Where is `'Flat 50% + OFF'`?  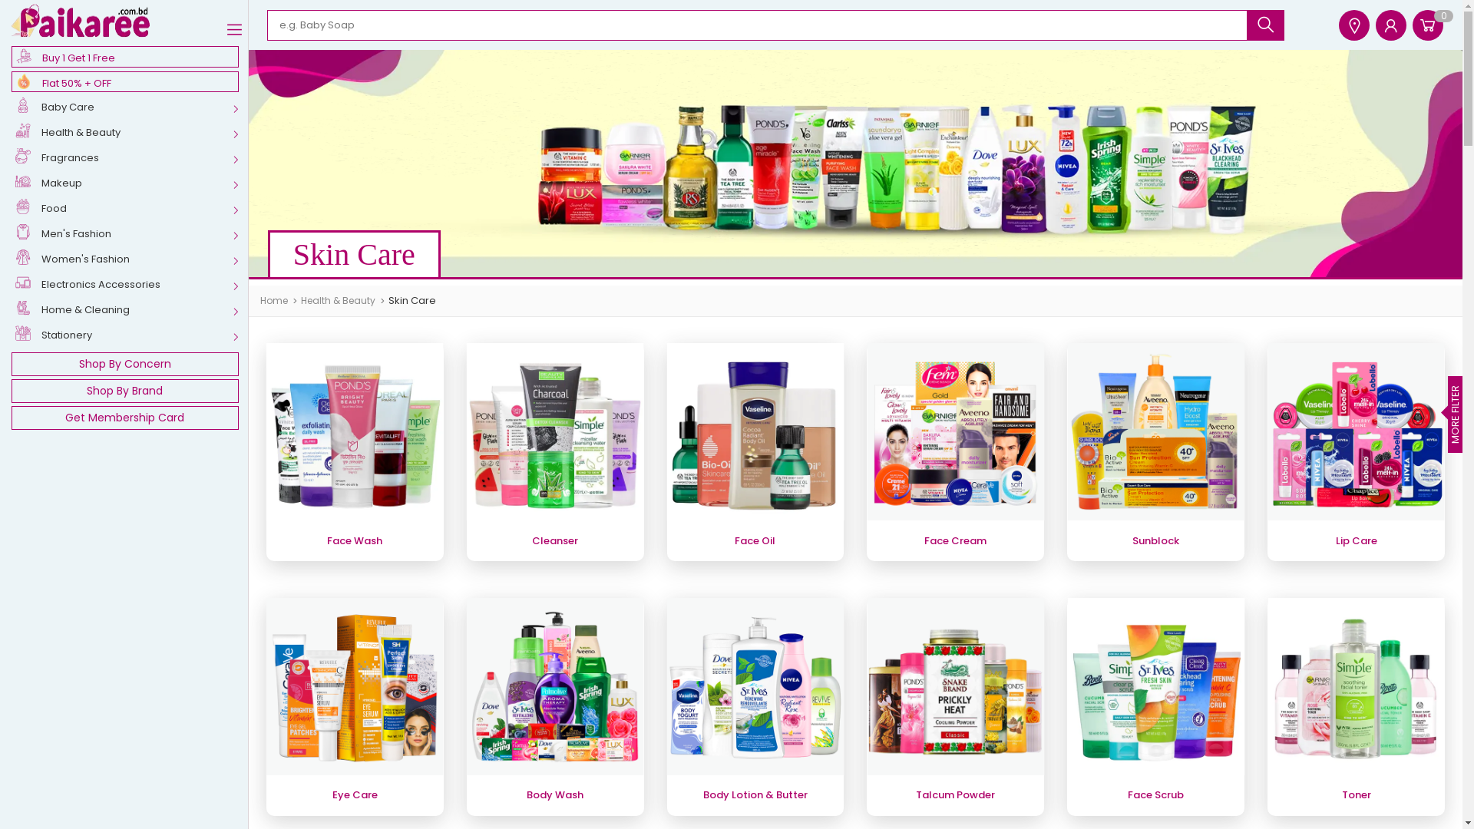 'Flat 50% + OFF' is located at coordinates (125, 81).